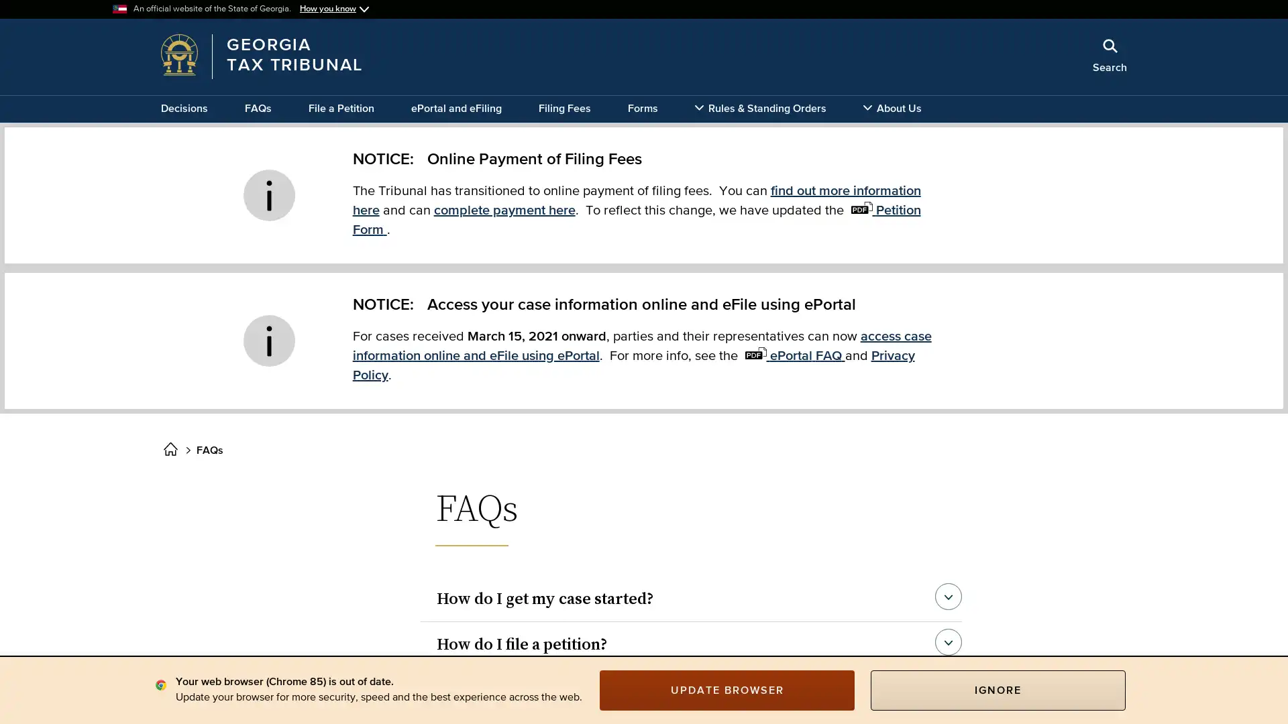 The width and height of the screenshot is (1288, 724). Describe the element at coordinates (288, 219) in the screenshot. I see `x` at that location.